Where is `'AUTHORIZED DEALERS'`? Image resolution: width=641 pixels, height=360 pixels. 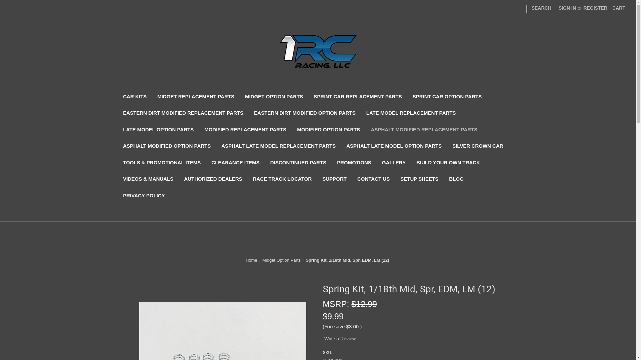
'AUTHORIZED DEALERS' is located at coordinates (178, 179).